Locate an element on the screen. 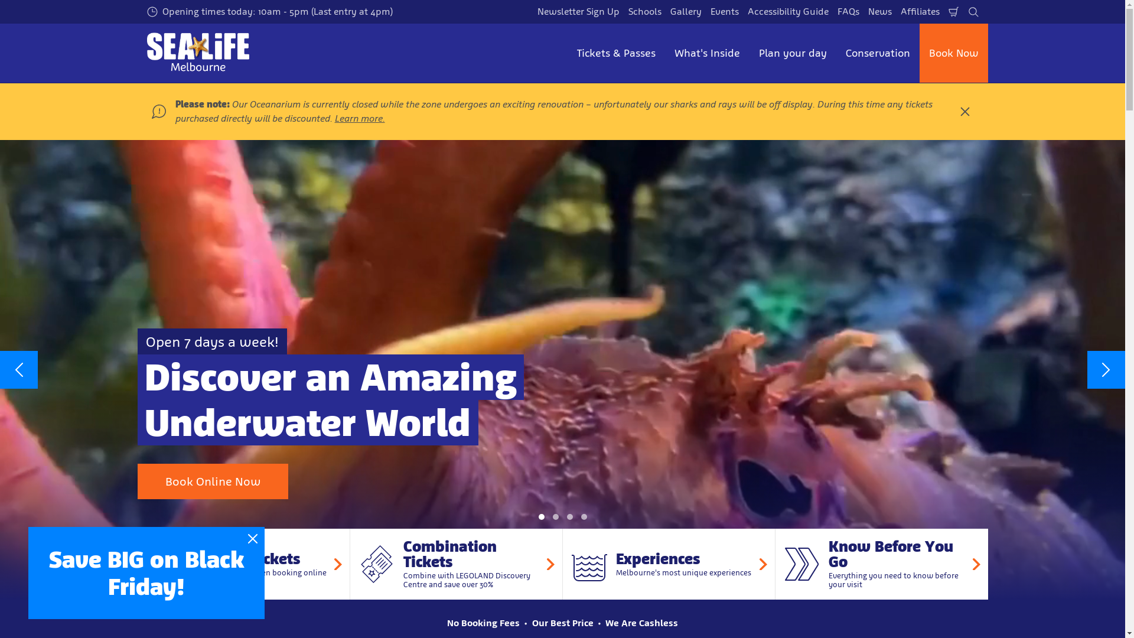  'Go to slide 1' is located at coordinates (540, 516).